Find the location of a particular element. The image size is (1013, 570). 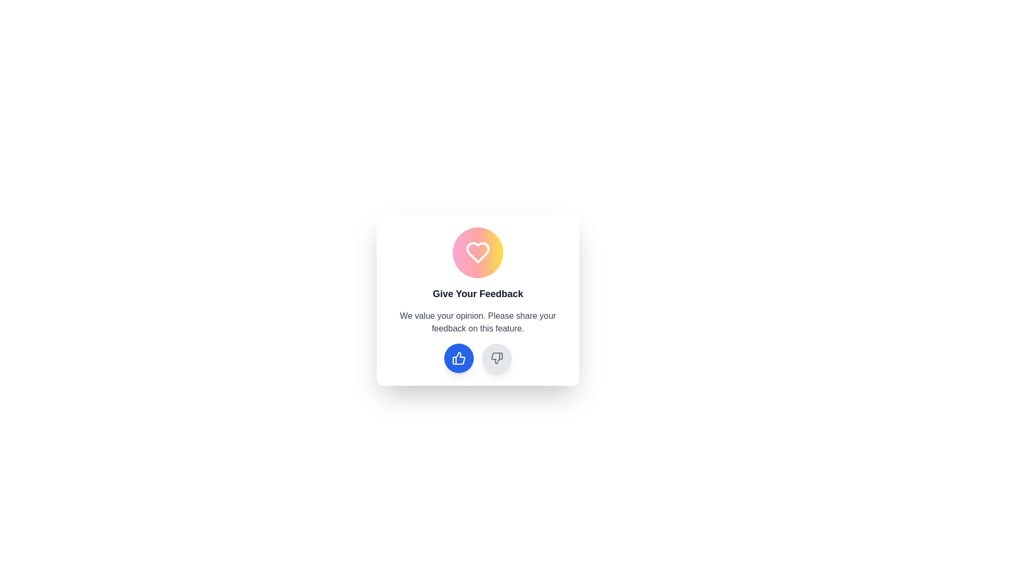

the heart-shaped icon outlined in white, which is centrally positioned within a circular gradient background is located at coordinates (477, 252).